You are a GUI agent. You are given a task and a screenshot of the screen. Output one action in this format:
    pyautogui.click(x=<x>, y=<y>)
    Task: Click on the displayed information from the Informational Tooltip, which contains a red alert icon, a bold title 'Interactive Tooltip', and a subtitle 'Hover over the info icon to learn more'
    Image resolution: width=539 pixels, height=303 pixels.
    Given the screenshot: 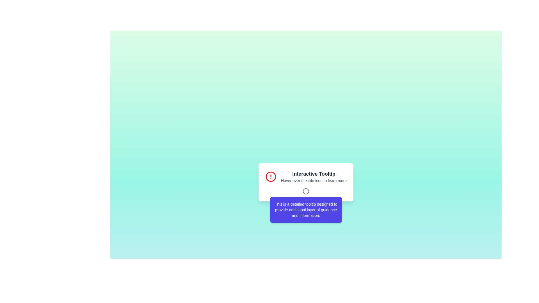 What is the action you would take?
    pyautogui.click(x=305, y=182)
    